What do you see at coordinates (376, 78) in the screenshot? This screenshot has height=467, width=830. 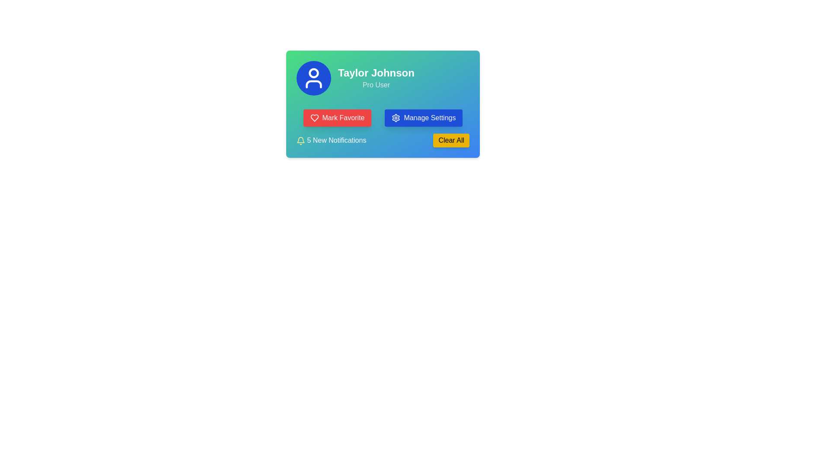 I see `the user identification header displaying the user's name and status (Pro User) located at the top-right portion of the interface within a card-like structure` at bounding box center [376, 78].